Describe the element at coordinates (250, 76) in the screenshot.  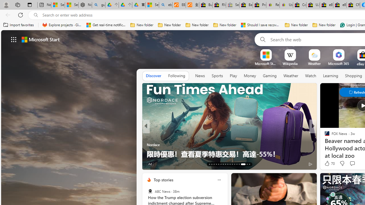
I see `'Money'` at that location.